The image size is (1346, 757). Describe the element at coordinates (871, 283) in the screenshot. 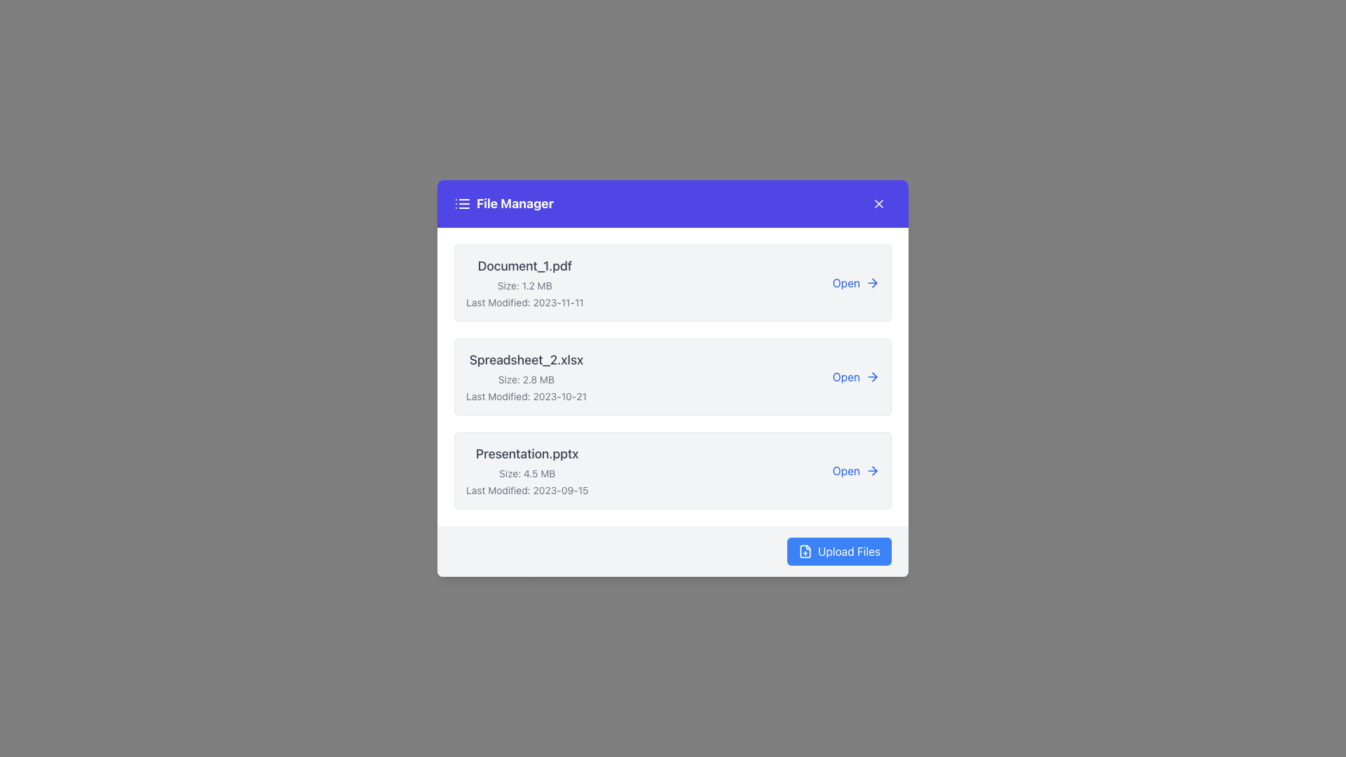

I see `the Arrow Icon located at the rightmost part of the 'Open' interactive component in the first file row, which indicates a forward action for opening associated files` at that location.